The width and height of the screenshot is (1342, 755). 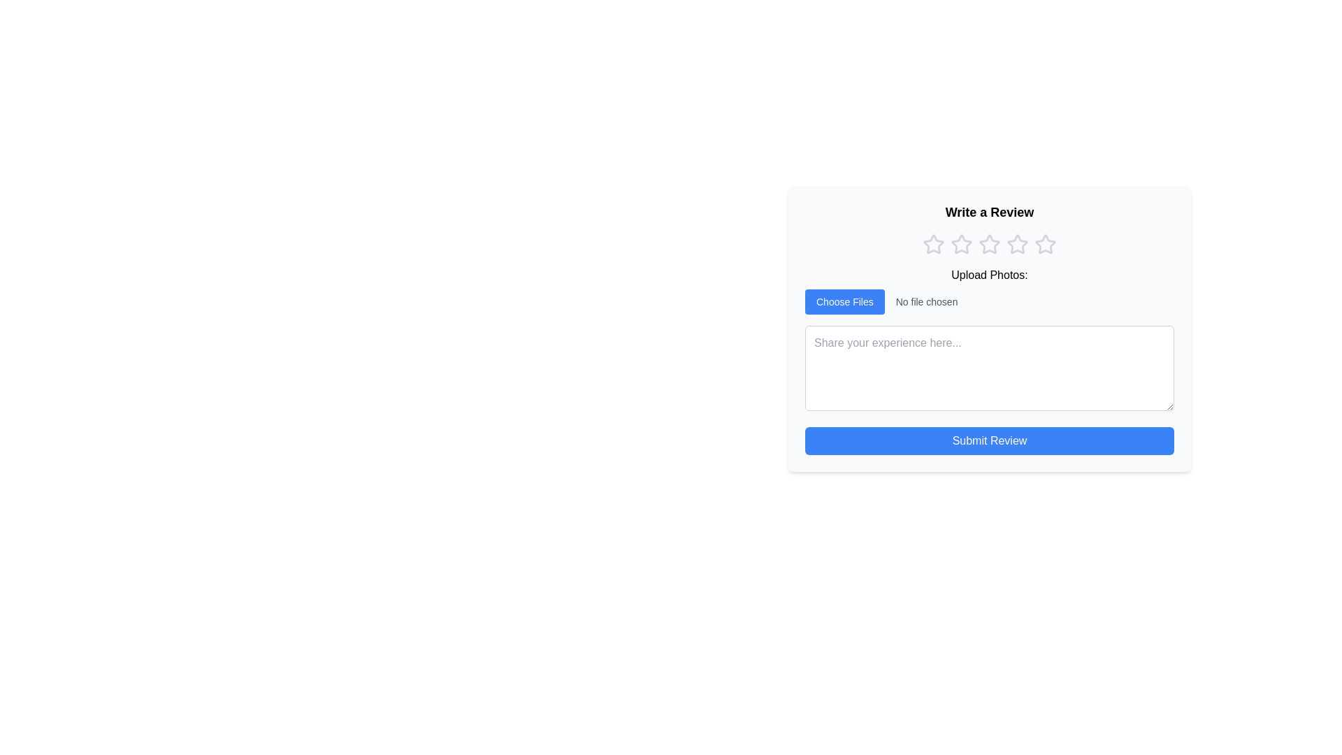 What do you see at coordinates (989, 441) in the screenshot?
I see `the 'Submit Review' button, which has a blue background and white text, located at the bottom of the review submission panel` at bounding box center [989, 441].